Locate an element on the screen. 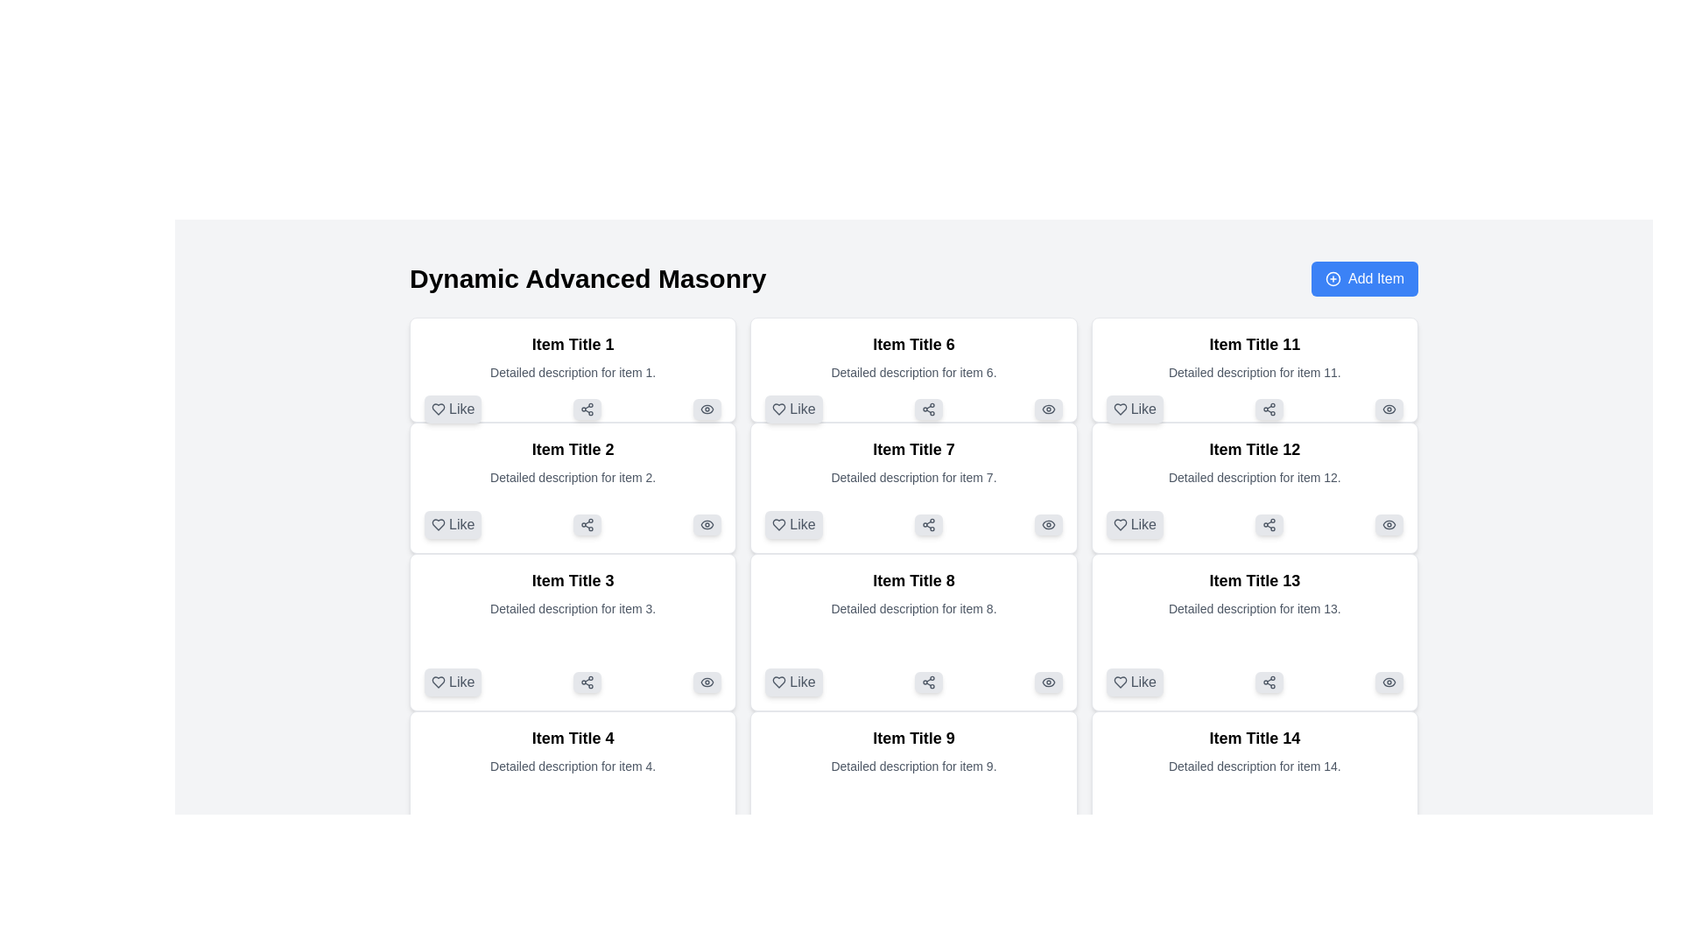  the static text title located at the upper section of the card in the third column and fourth row, which provides a label for the associated content is located at coordinates (1254, 344).